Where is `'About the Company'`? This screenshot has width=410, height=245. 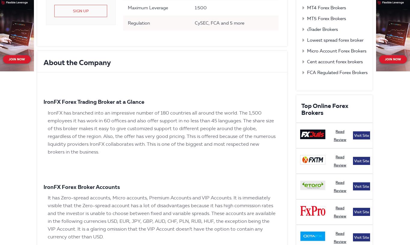 'About the Company' is located at coordinates (43, 62).